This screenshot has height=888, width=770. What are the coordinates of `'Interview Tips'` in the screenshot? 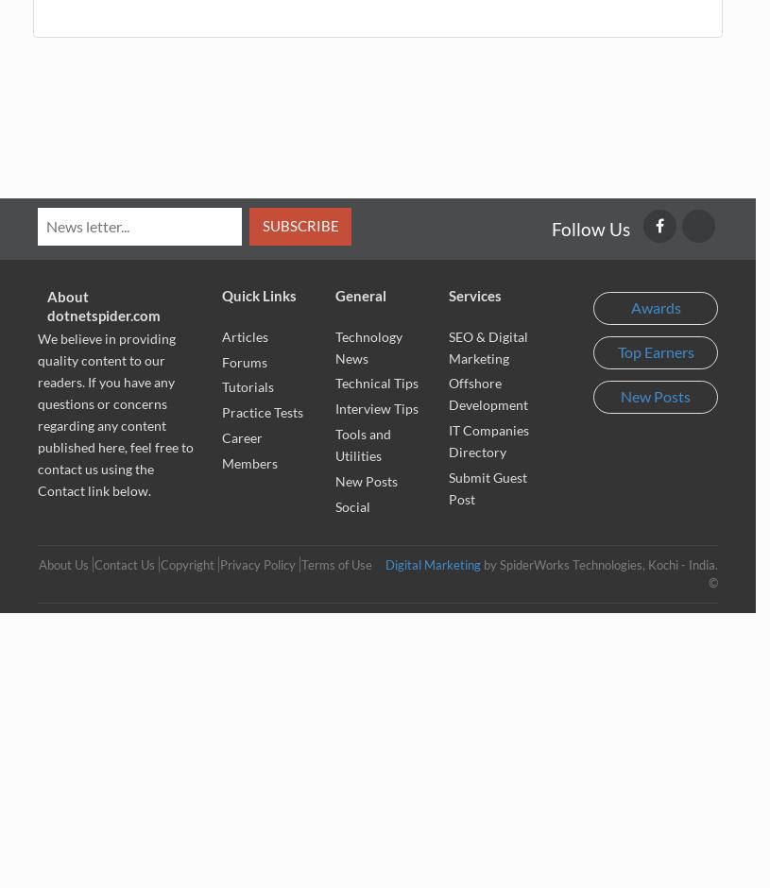 It's located at (376, 407).